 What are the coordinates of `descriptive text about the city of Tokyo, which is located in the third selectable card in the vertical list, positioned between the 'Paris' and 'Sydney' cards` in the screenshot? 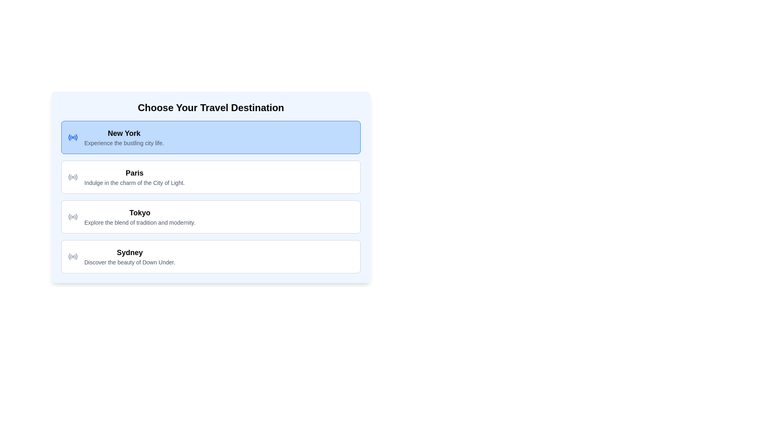 It's located at (140, 217).